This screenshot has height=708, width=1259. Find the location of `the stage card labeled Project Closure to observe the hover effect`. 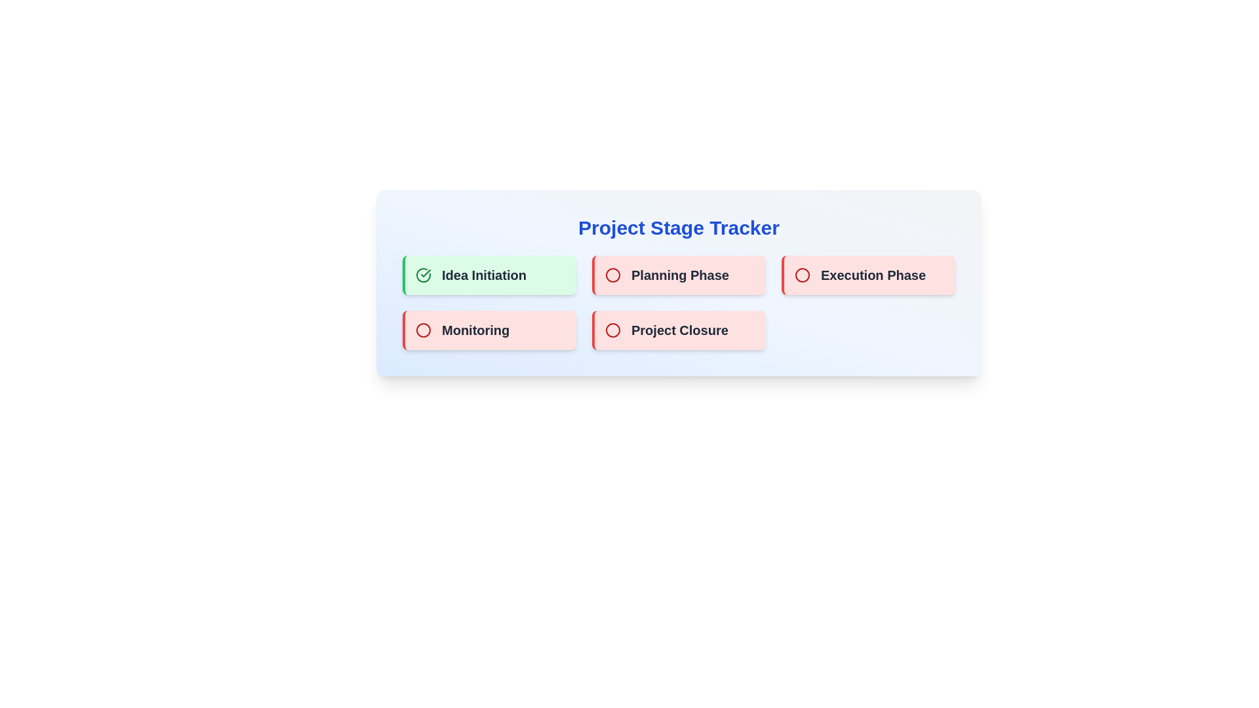

the stage card labeled Project Closure to observe the hover effect is located at coordinates (679, 330).